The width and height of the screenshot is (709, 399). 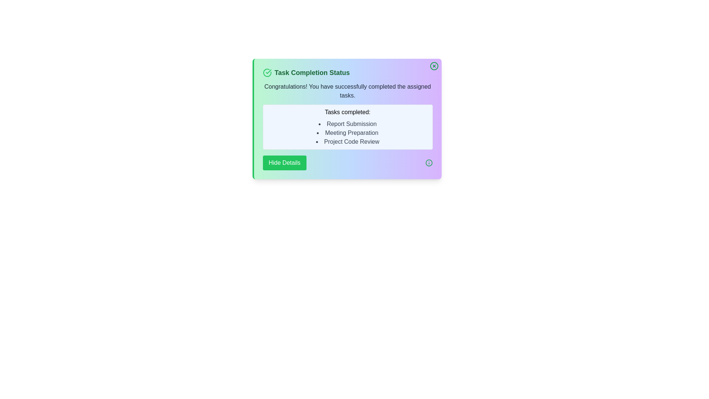 What do you see at coordinates (284, 162) in the screenshot?
I see `the 'Hide Details' button to toggle the visibility of the details section` at bounding box center [284, 162].